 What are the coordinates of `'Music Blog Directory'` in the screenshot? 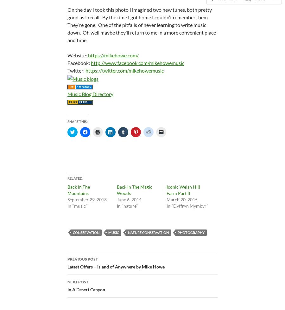 It's located at (90, 93).